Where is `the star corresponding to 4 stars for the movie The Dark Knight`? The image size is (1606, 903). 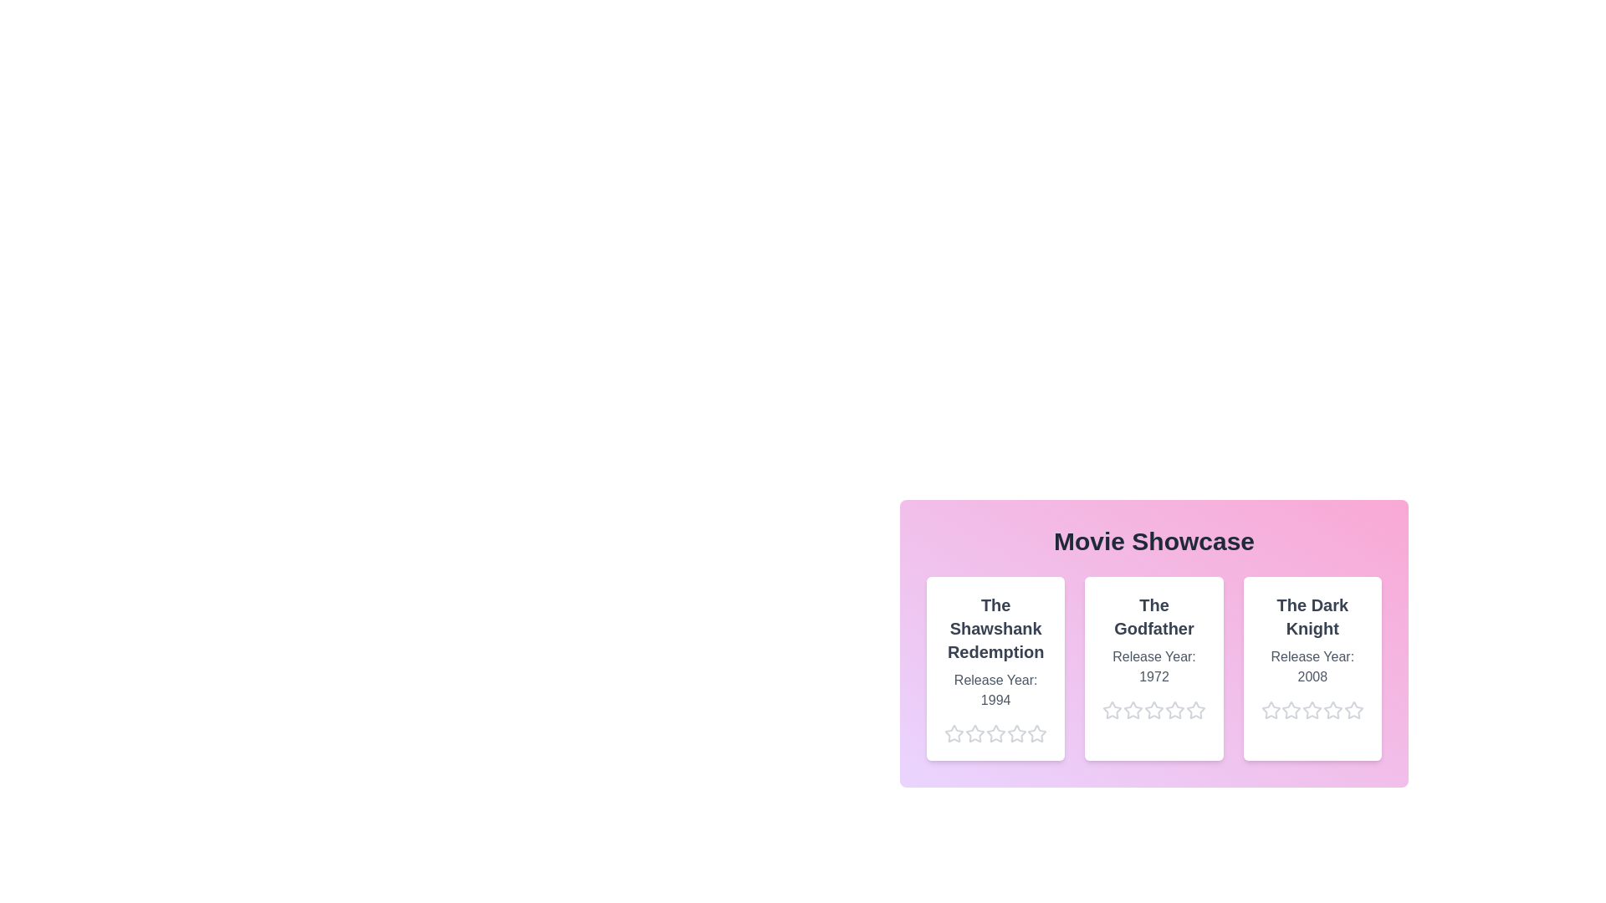 the star corresponding to 4 stars for the movie The Dark Knight is located at coordinates (1322, 710).